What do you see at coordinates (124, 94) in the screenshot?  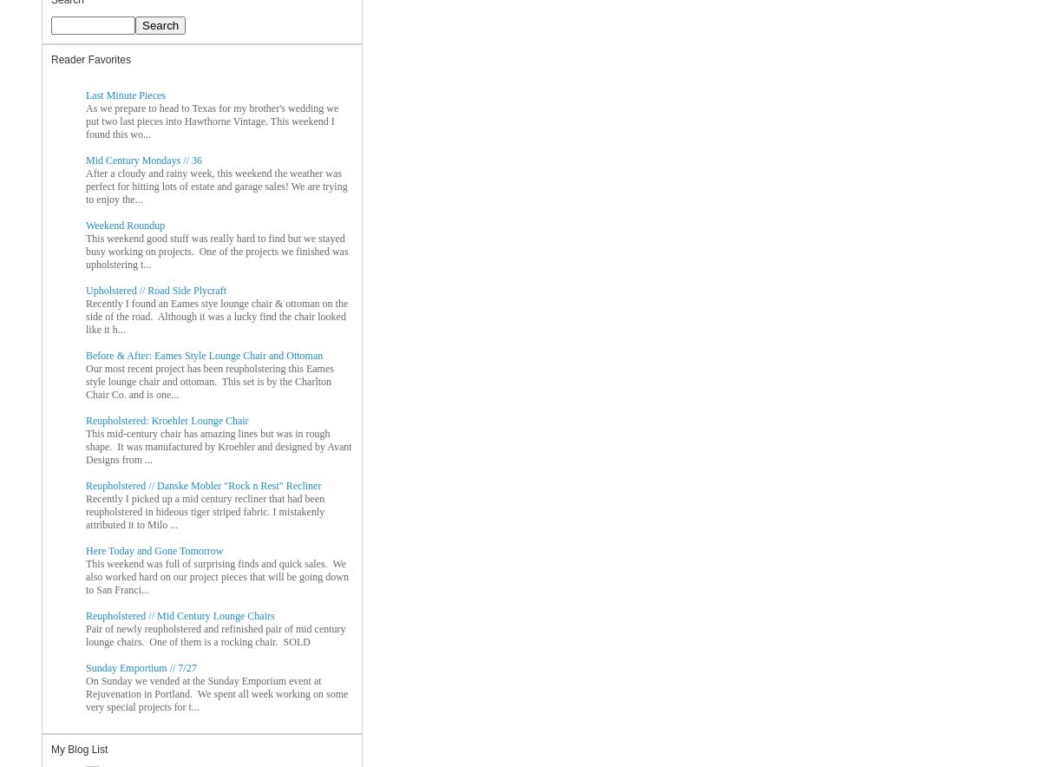 I see `'Last Minute Pieces'` at bounding box center [124, 94].